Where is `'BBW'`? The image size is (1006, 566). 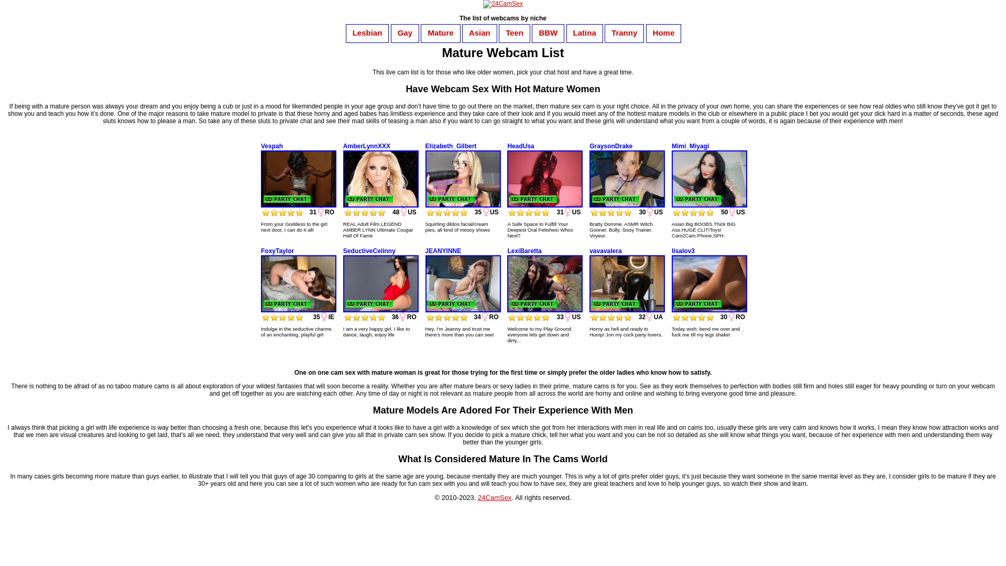
'BBW' is located at coordinates (548, 32).